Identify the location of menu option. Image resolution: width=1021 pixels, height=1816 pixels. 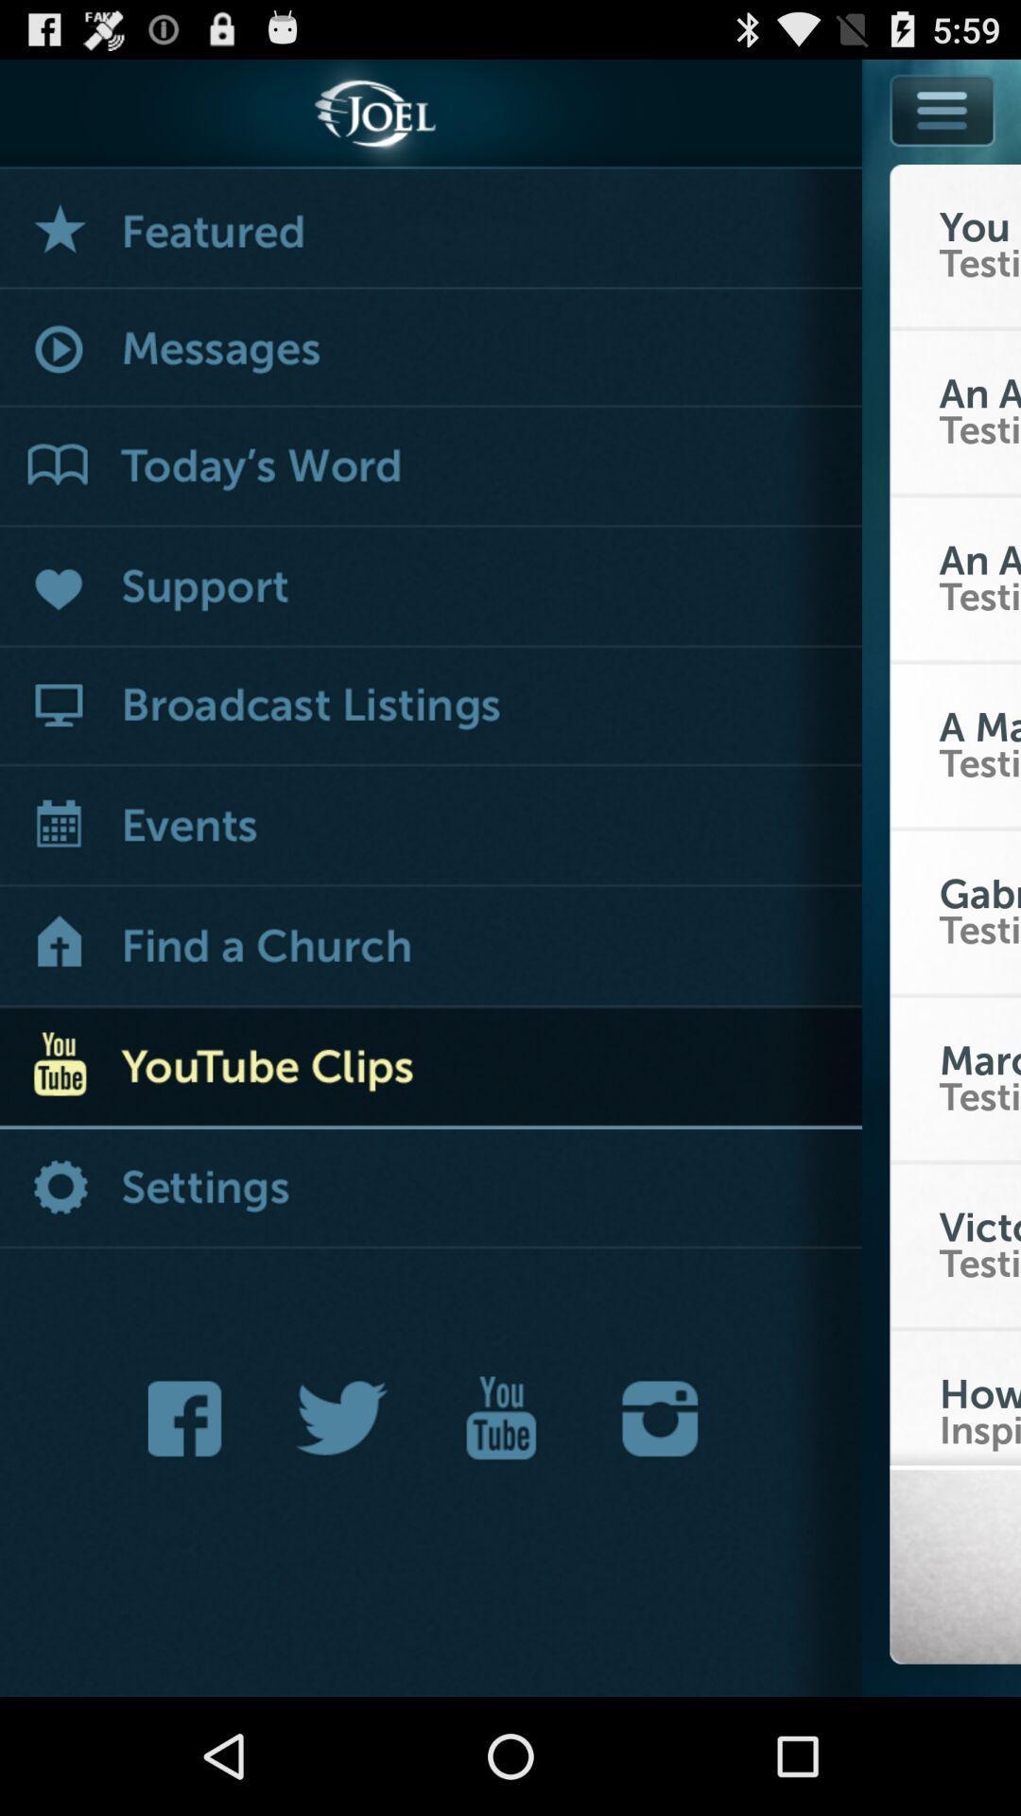
(943, 109).